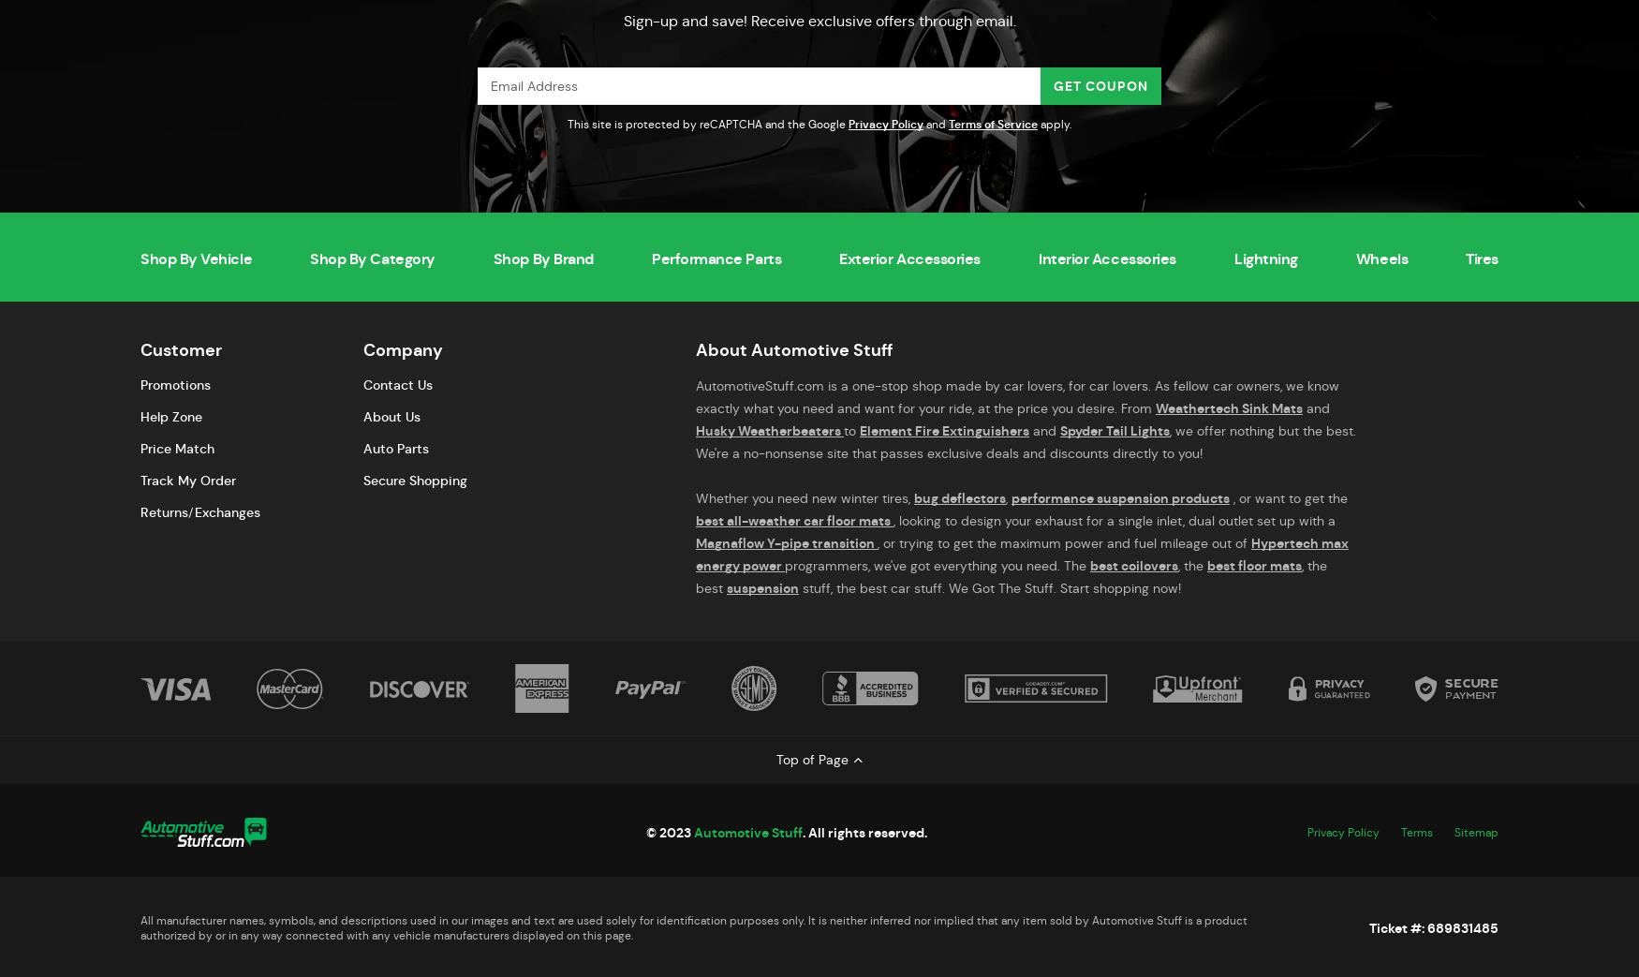  I want to click on 'Price Match', so click(139, 448).